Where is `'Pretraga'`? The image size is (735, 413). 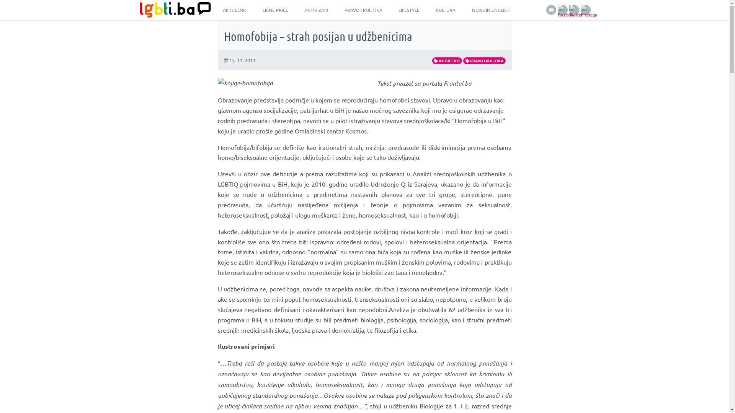
'Pretraga' is located at coordinates (585, 10).